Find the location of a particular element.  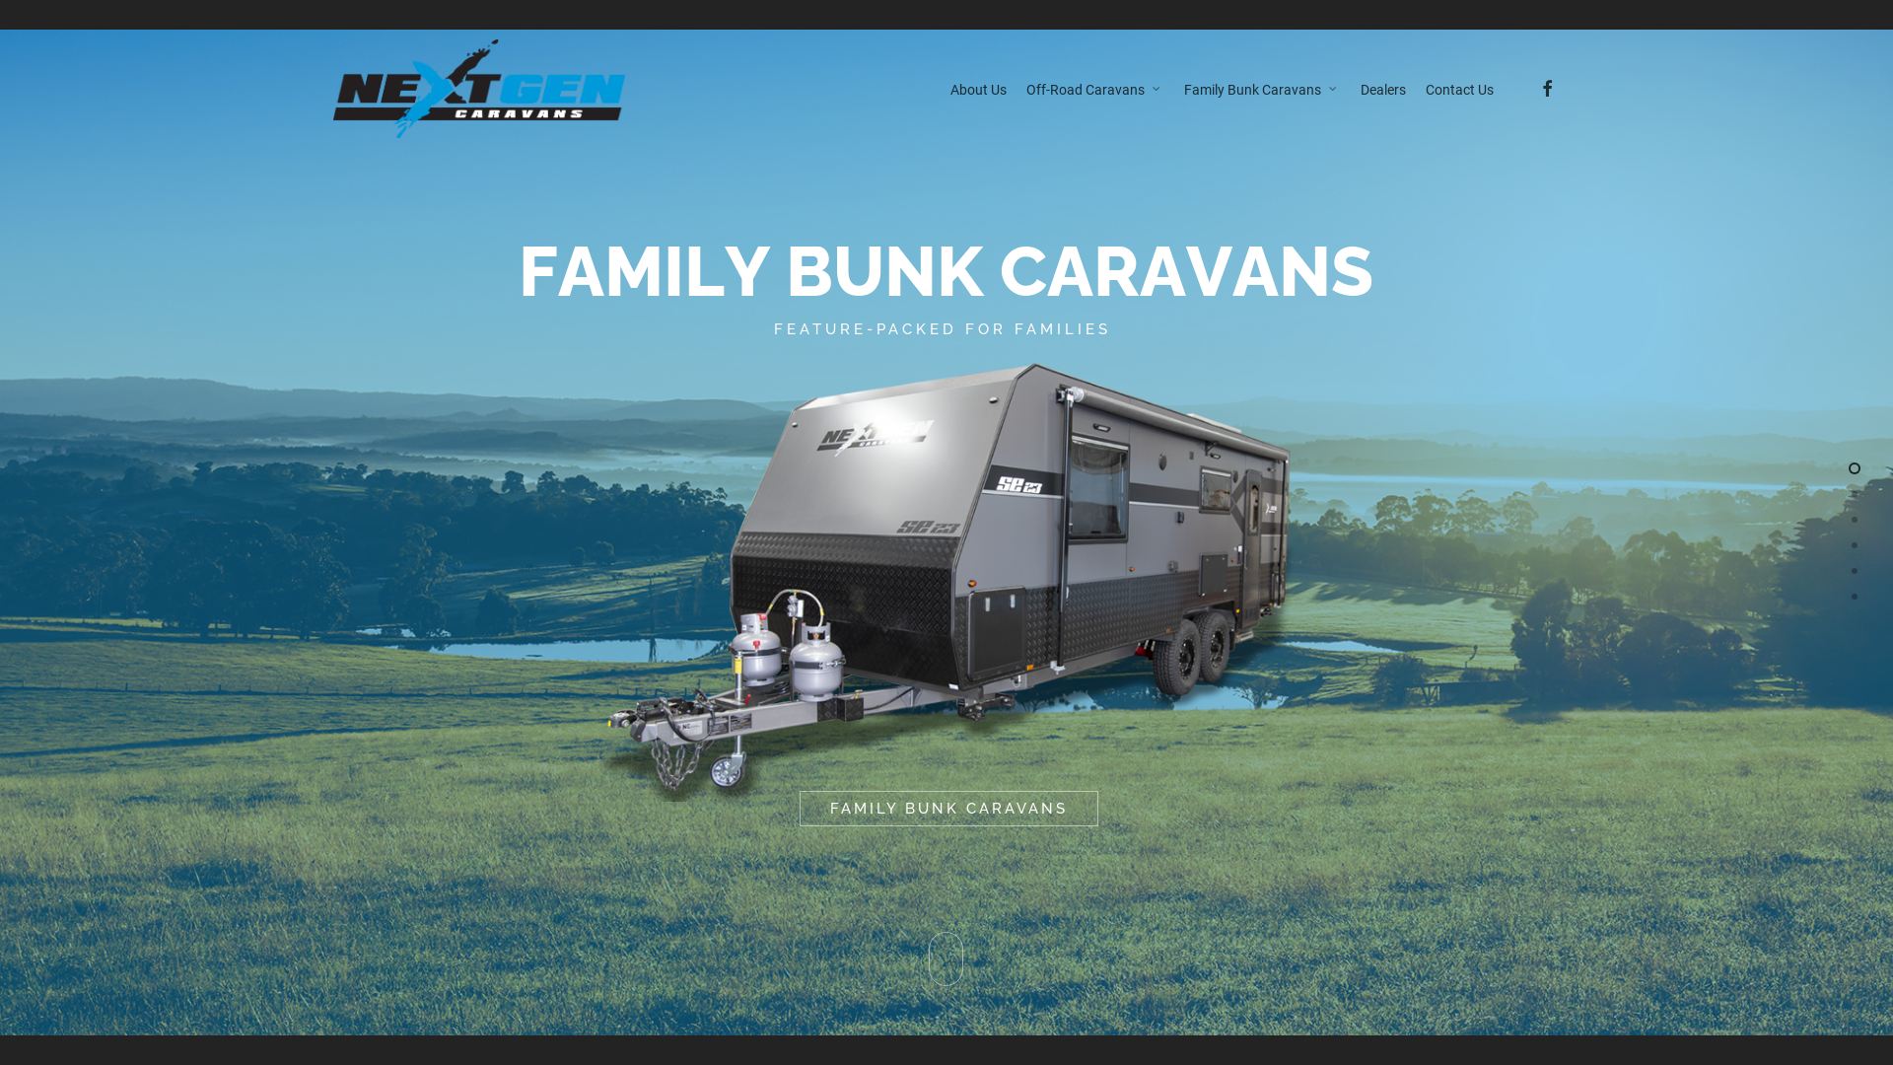

'Contact Us' is located at coordinates (1459, 87).